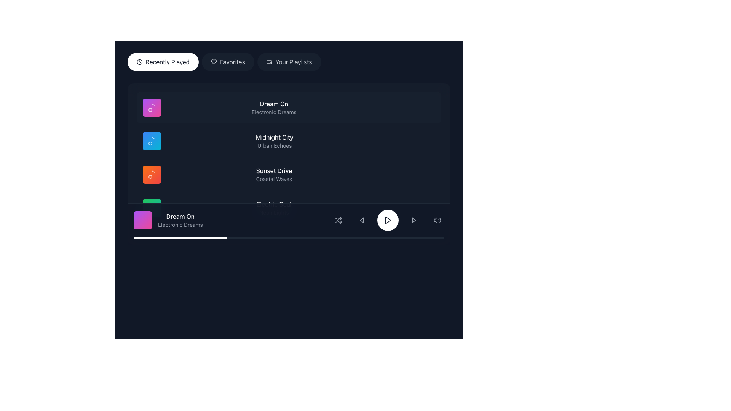 This screenshot has height=411, width=731. Describe the element at coordinates (167, 61) in the screenshot. I see `the 'Recently Played' text label within the rounded button` at that location.